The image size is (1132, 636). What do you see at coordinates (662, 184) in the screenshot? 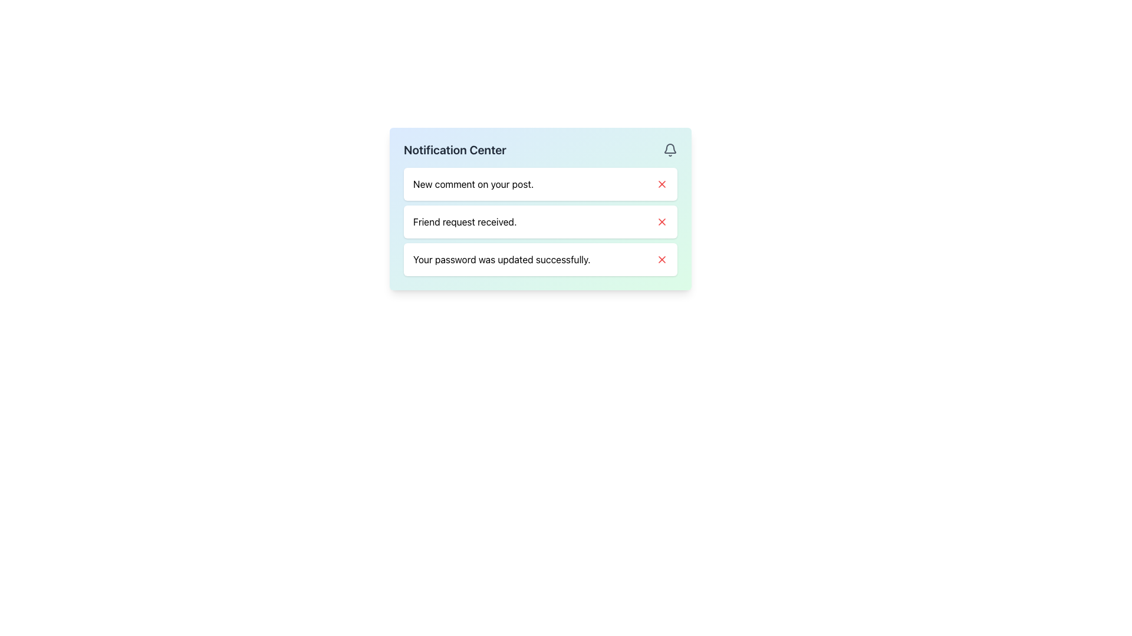
I see `the Close icon located at the top-right corner of the first notification card, aligned horizontally with the 'New comment on your post.' text` at bounding box center [662, 184].